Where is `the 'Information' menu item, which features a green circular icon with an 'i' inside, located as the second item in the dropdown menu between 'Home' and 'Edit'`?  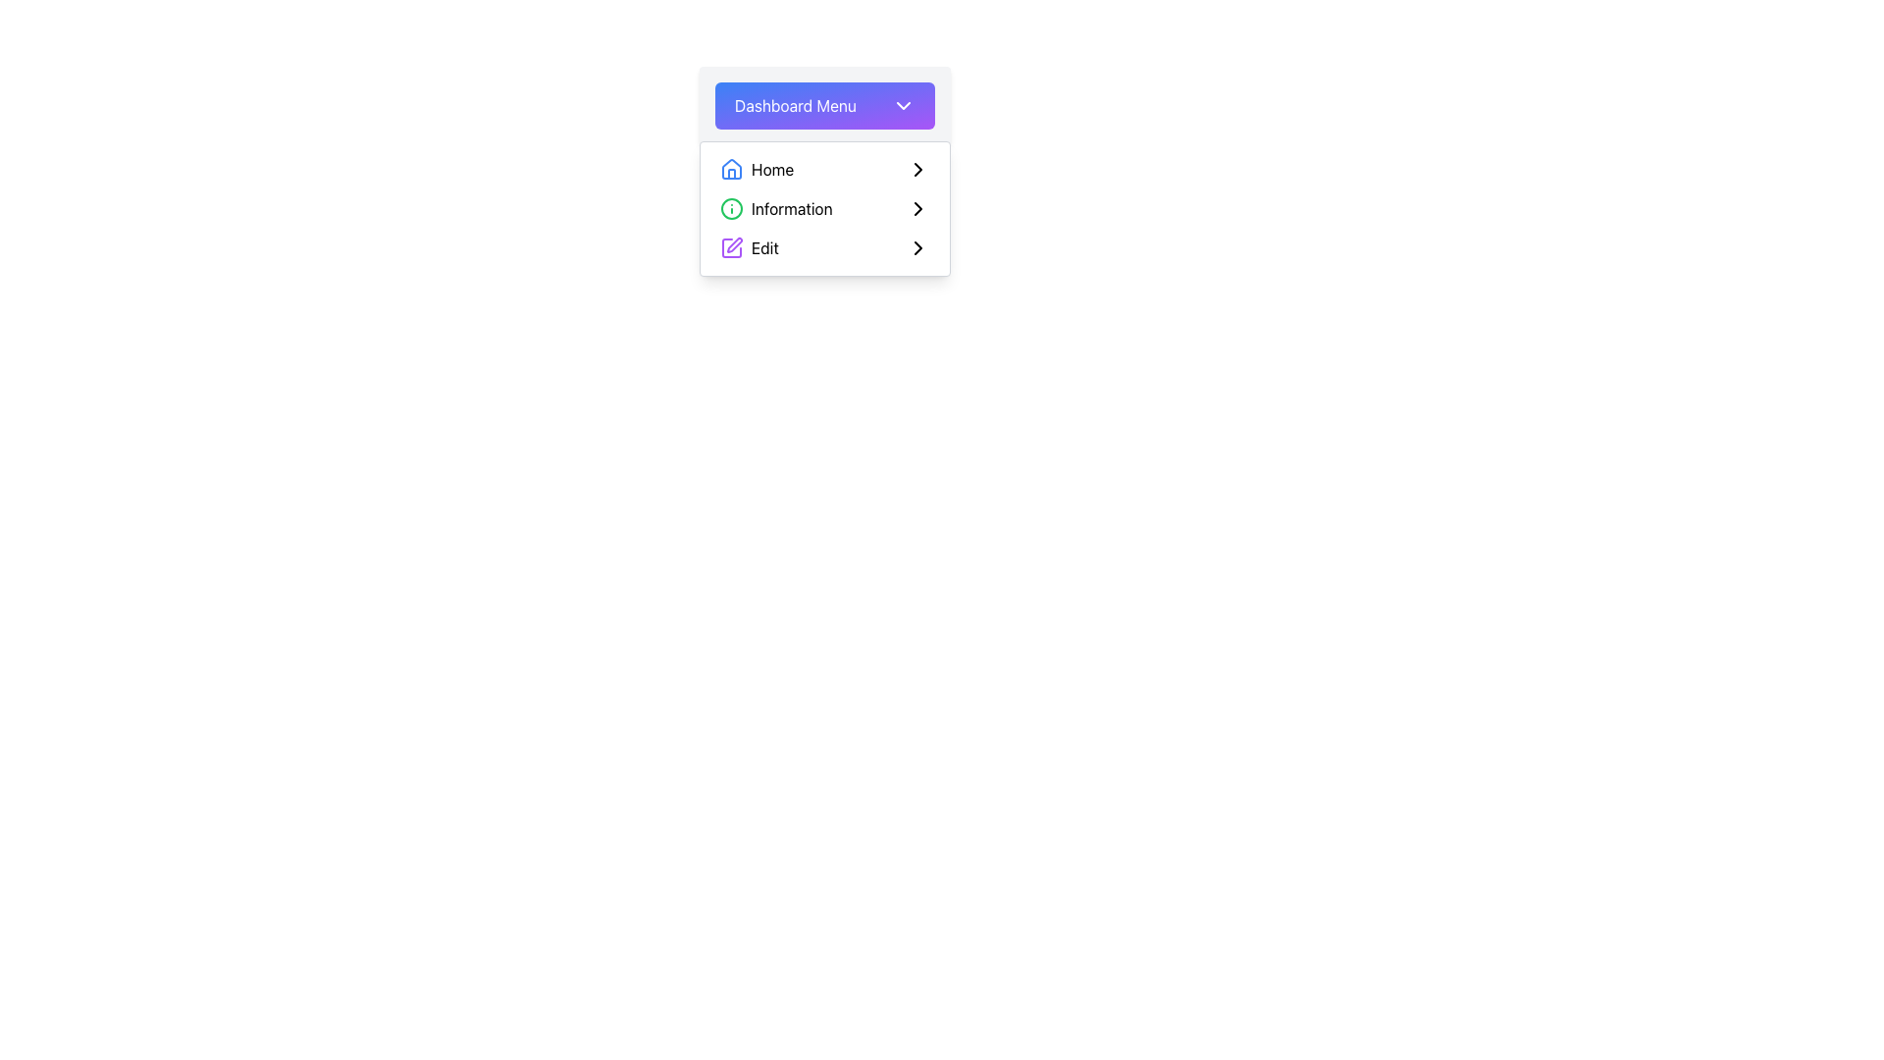 the 'Information' menu item, which features a green circular icon with an 'i' inside, located as the second item in the dropdown menu between 'Home' and 'Edit' is located at coordinates (775, 208).